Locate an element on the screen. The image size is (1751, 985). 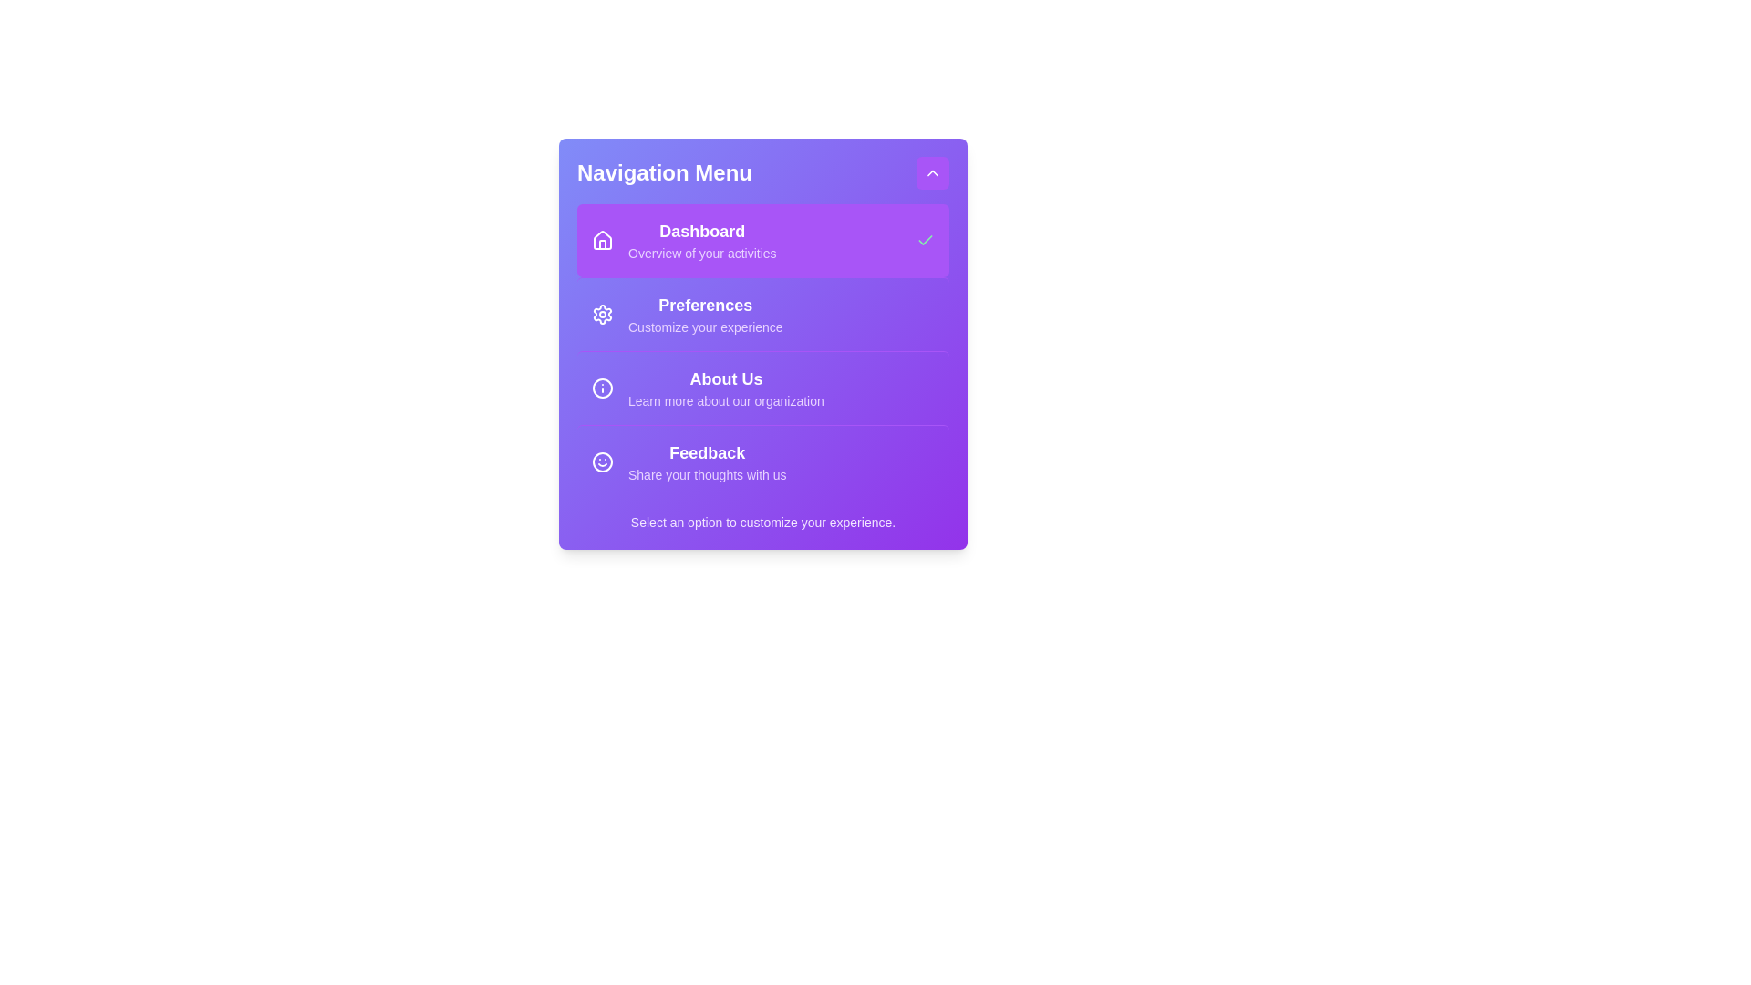
the footer text to interact with it is located at coordinates (762, 523).